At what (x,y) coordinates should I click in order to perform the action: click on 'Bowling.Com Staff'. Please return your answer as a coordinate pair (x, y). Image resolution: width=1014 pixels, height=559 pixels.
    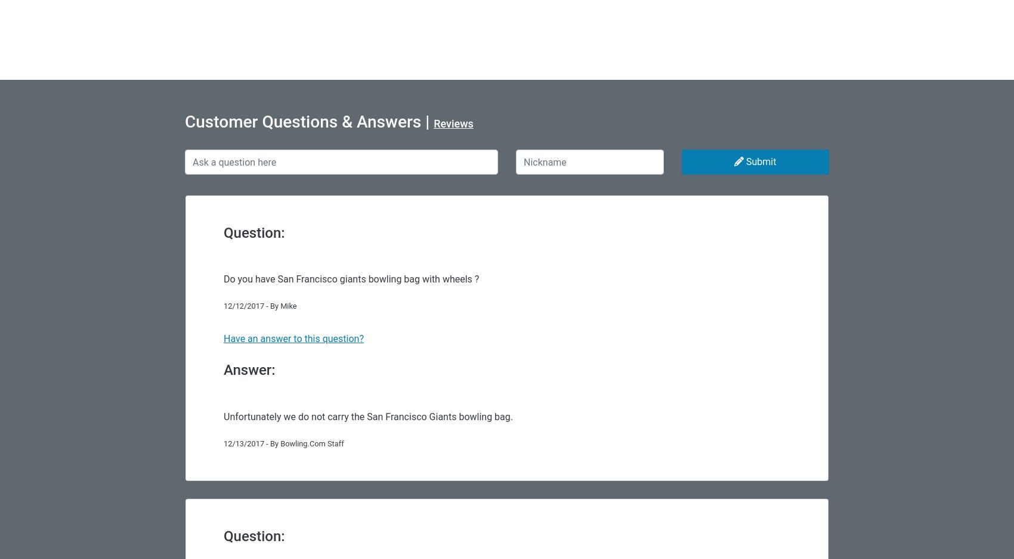
    Looking at the image, I should click on (311, 443).